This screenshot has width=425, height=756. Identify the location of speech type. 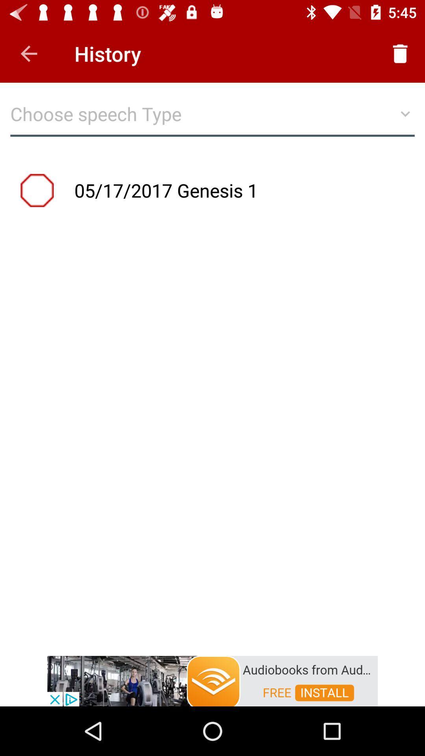
(213, 117).